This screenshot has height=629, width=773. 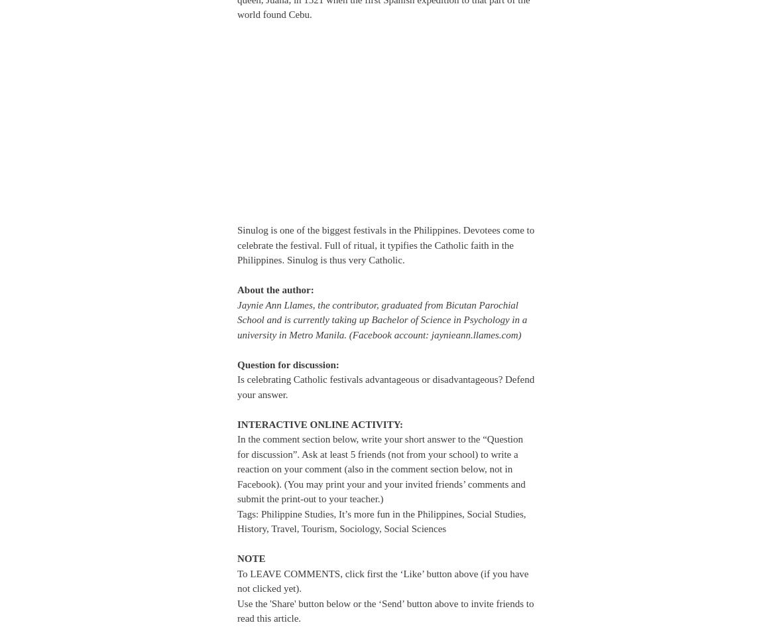 What do you see at coordinates (251, 558) in the screenshot?
I see `'NOTE'` at bounding box center [251, 558].